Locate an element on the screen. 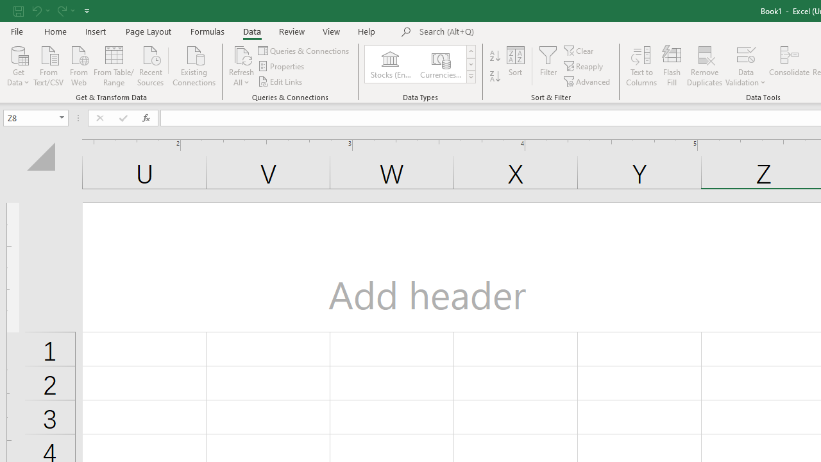 The width and height of the screenshot is (821, 462). 'Properties' is located at coordinates (282, 66).